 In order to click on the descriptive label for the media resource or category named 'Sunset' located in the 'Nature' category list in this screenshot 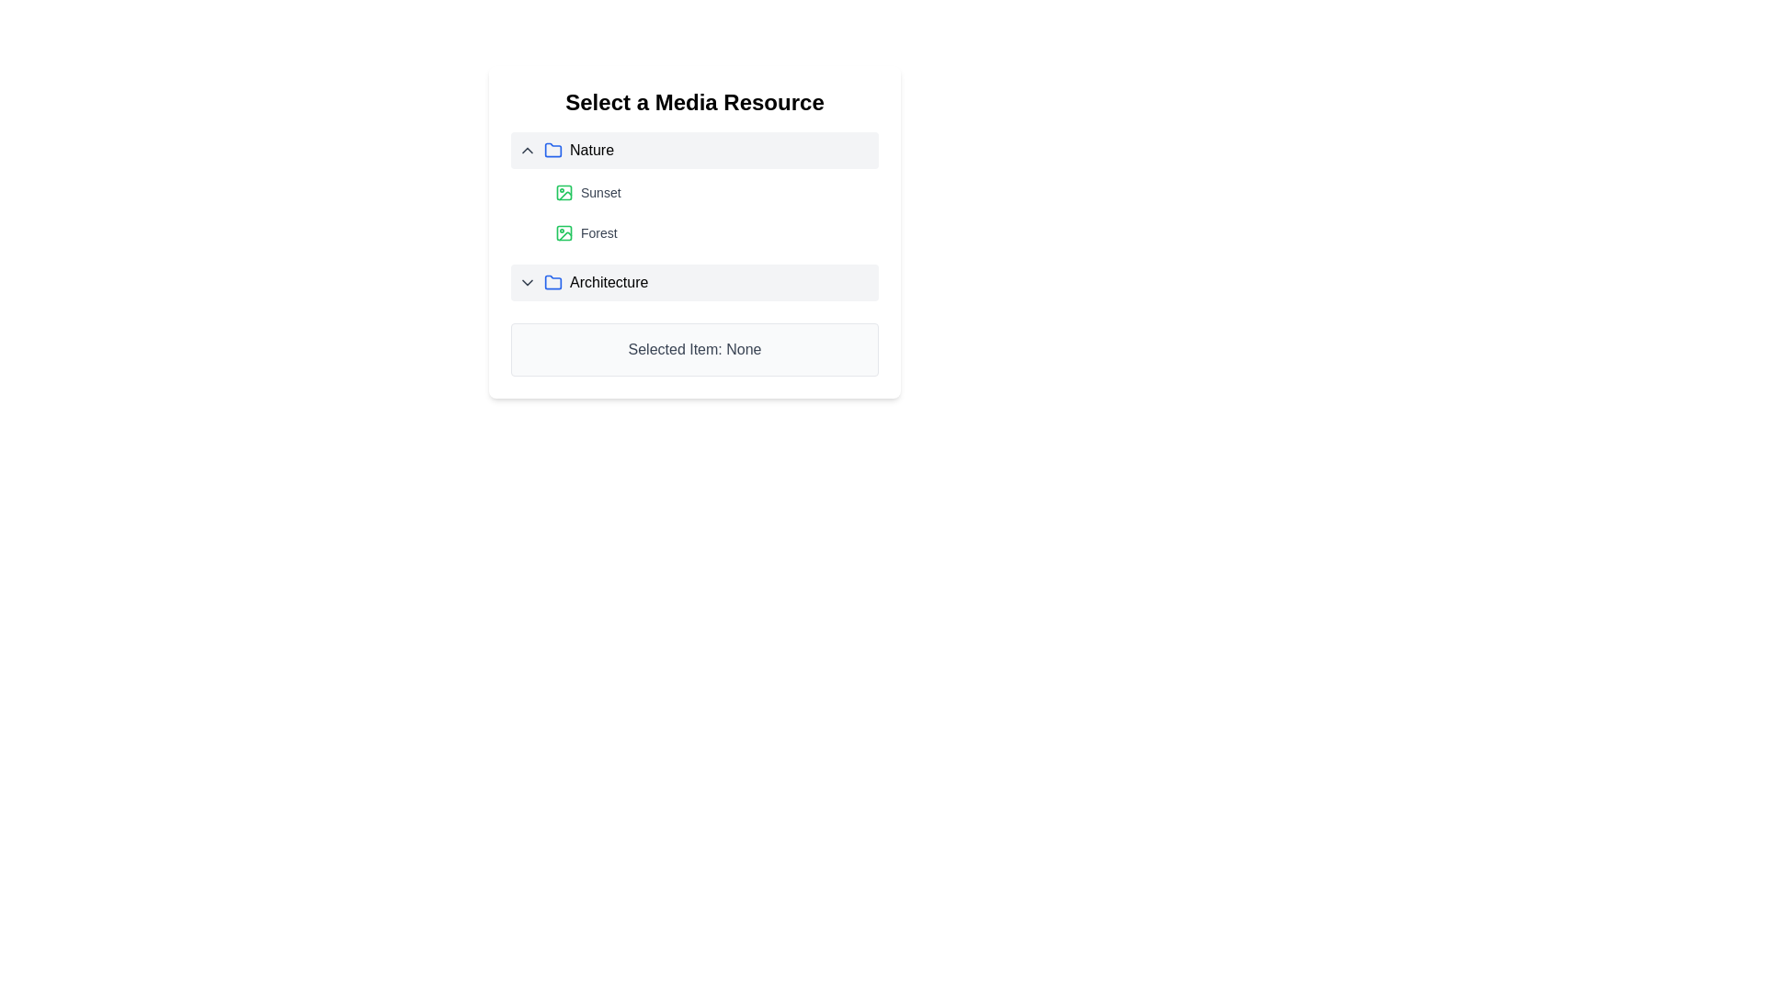, I will do `click(600, 192)`.